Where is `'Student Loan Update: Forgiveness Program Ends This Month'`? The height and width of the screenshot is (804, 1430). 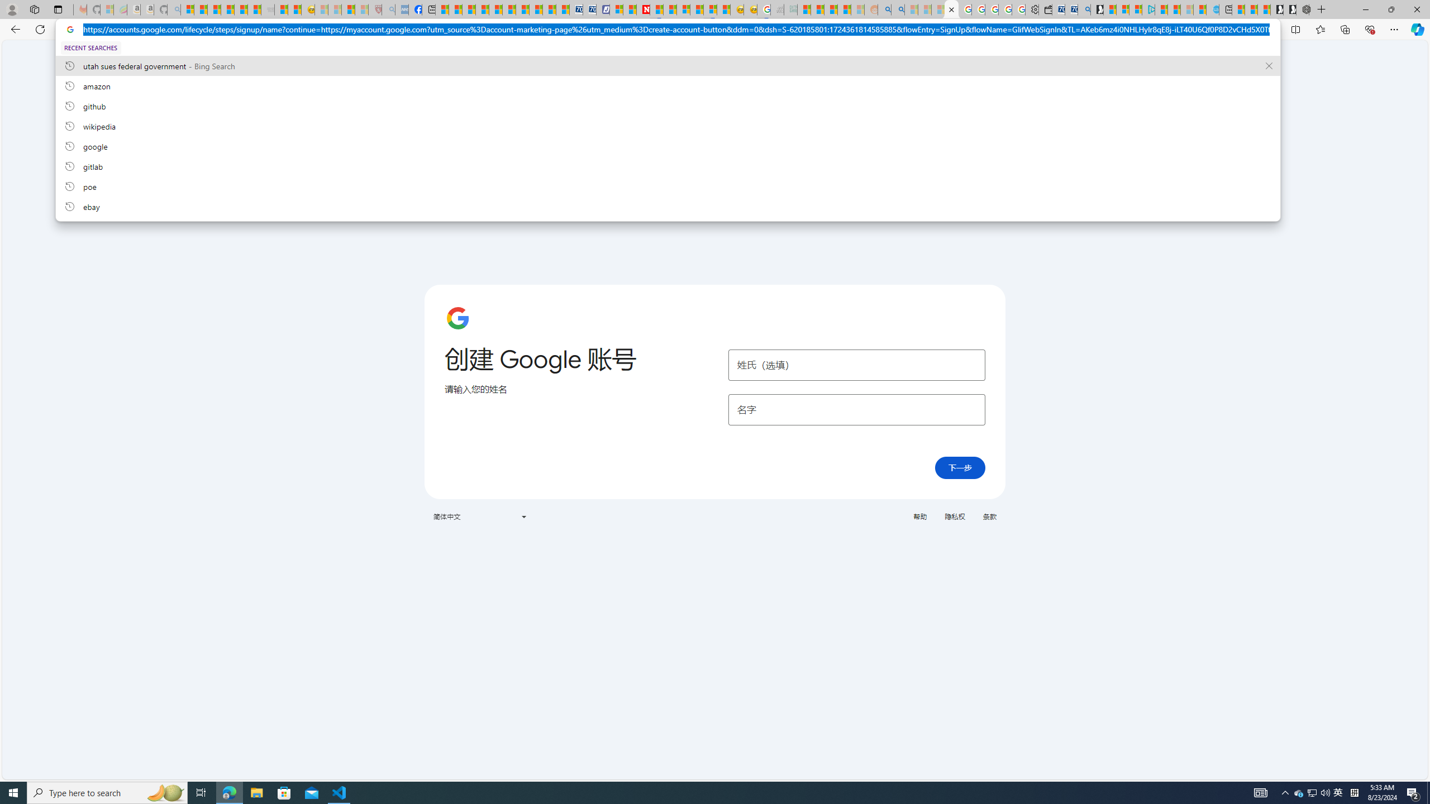 'Student Loan Update: Forgiveness Program Ends This Month' is located at coordinates (843, 9).